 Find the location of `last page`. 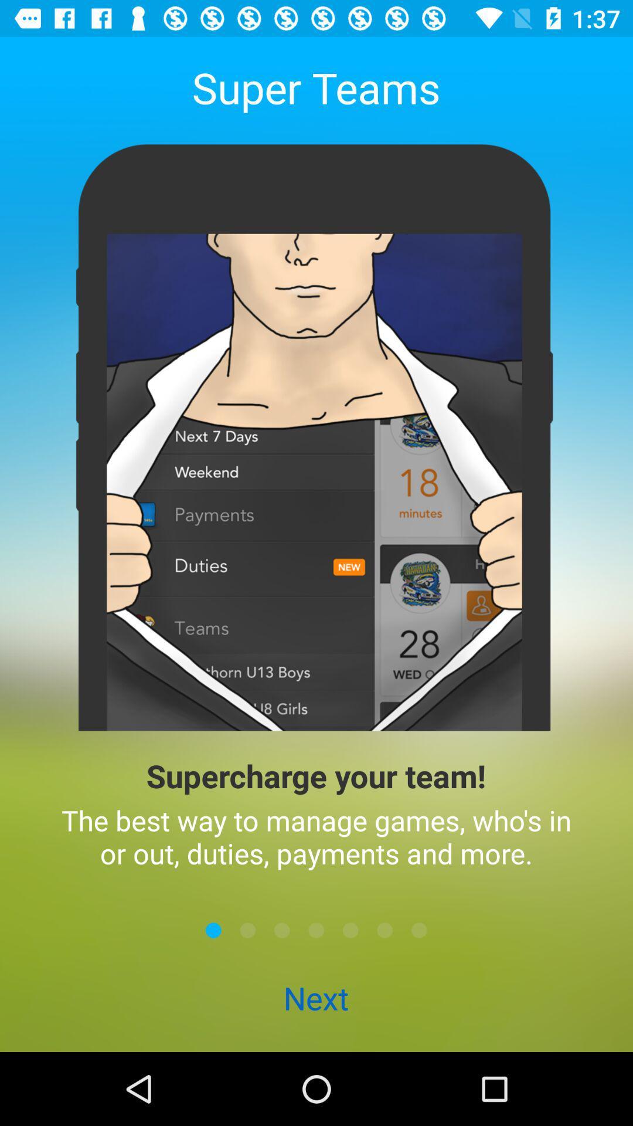

last page is located at coordinates (418, 930).